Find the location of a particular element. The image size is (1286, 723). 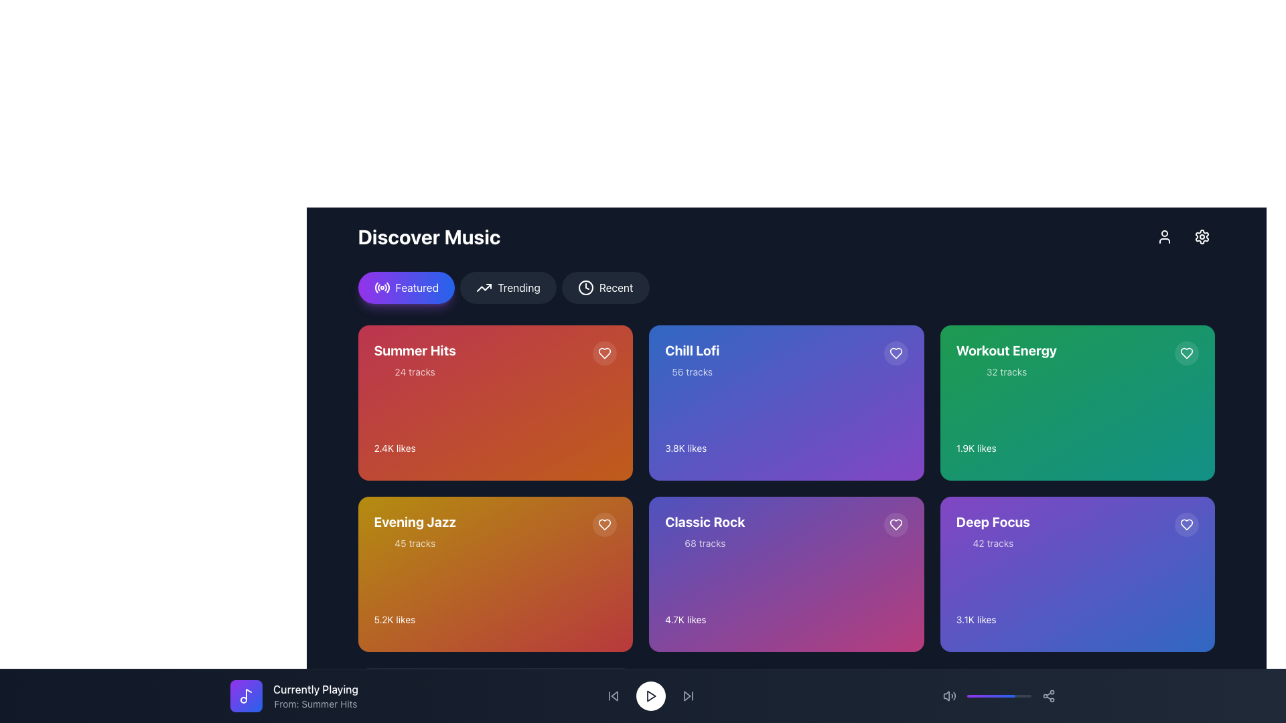

the leftward pointing arrowhead icon in the navigation bar, which functions is located at coordinates (614, 696).